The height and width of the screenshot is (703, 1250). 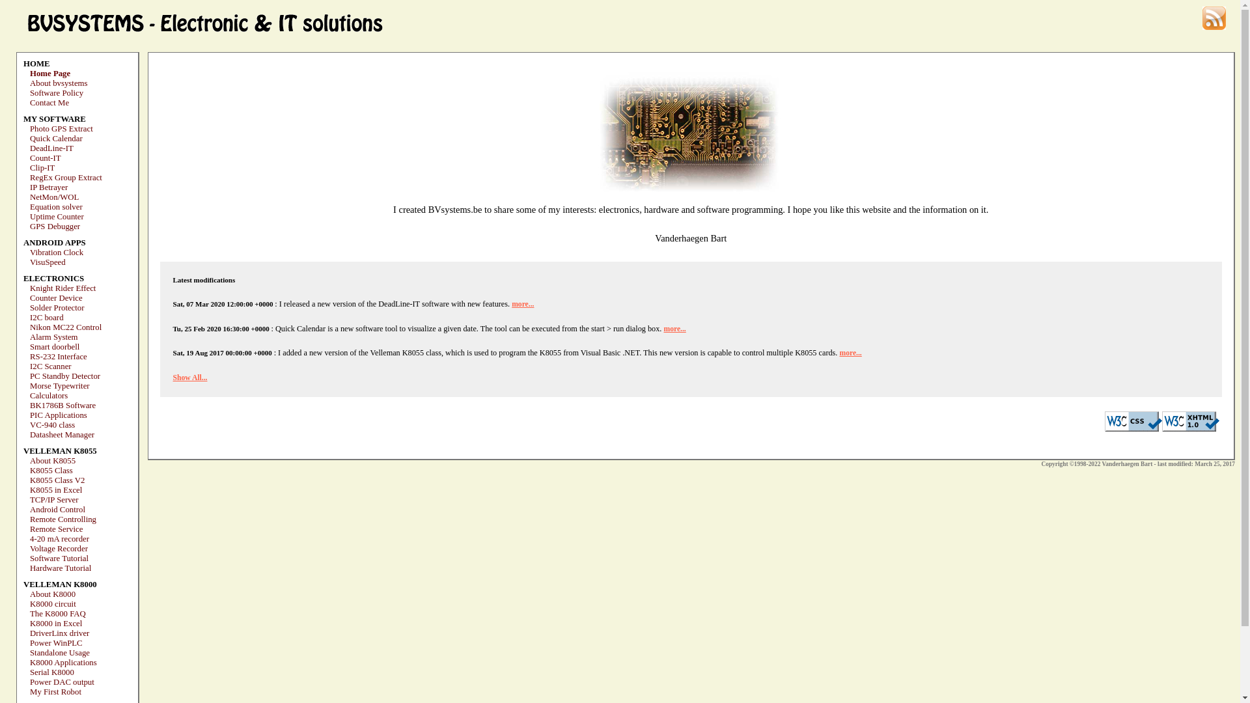 What do you see at coordinates (189, 378) in the screenshot?
I see `'Show All...'` at bounding box center [189, 378].